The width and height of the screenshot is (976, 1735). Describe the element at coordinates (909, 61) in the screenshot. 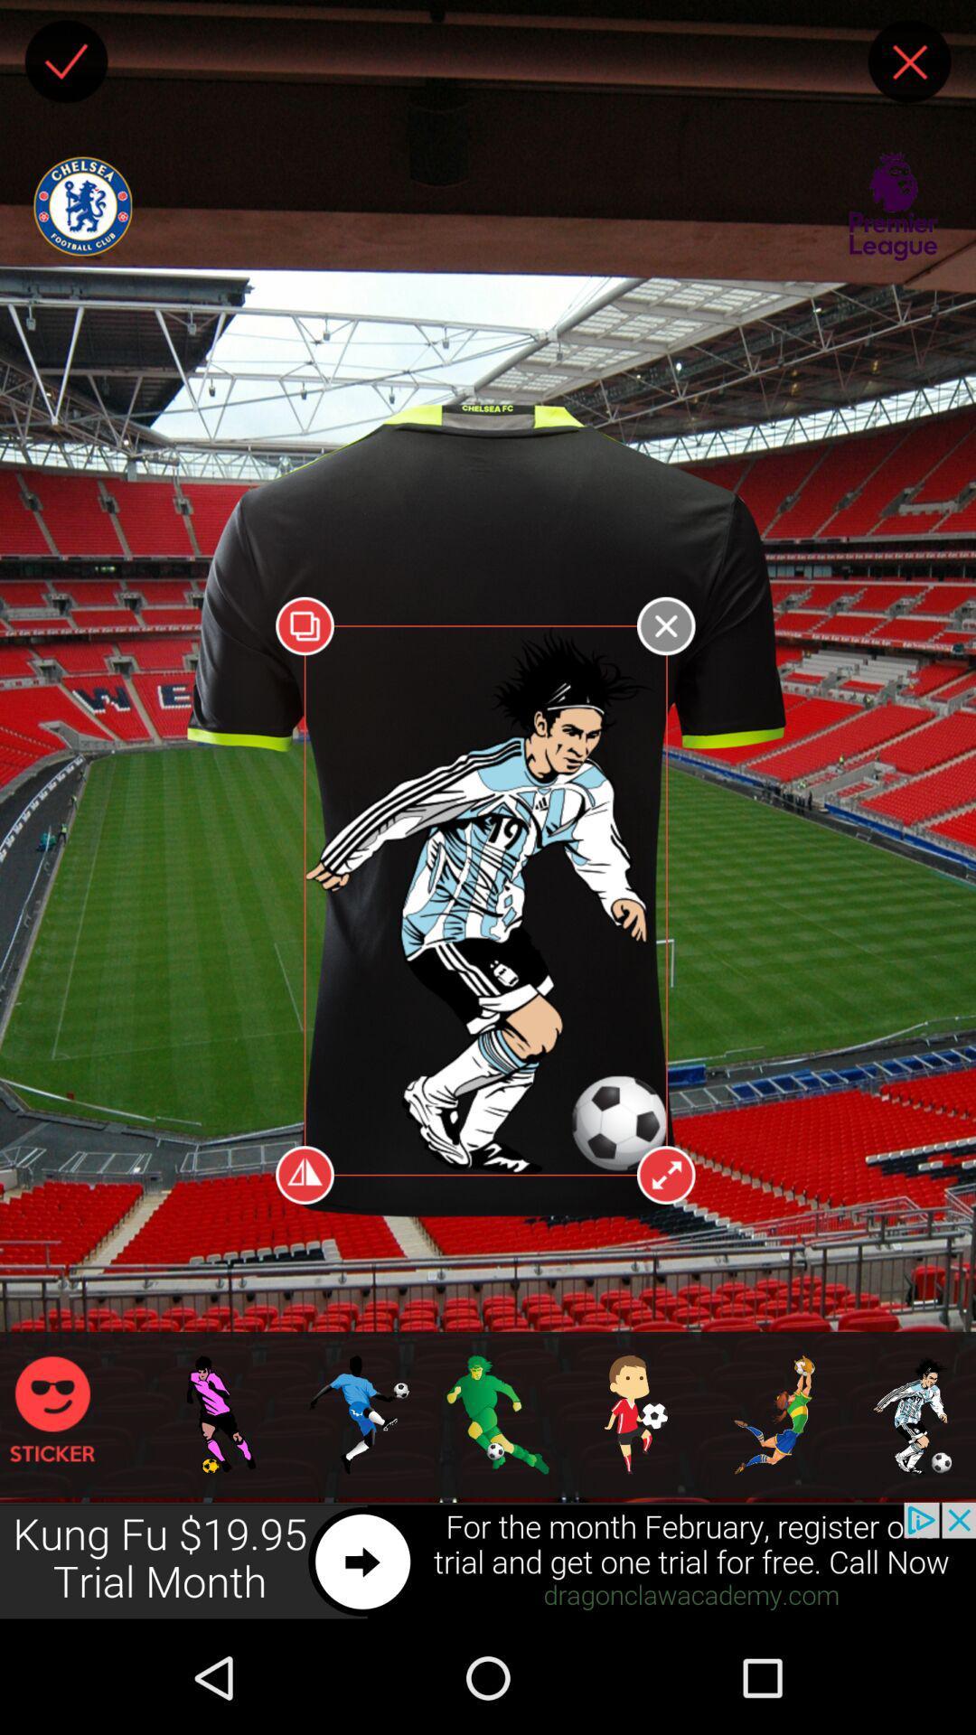

I see `cancel button` at that location.